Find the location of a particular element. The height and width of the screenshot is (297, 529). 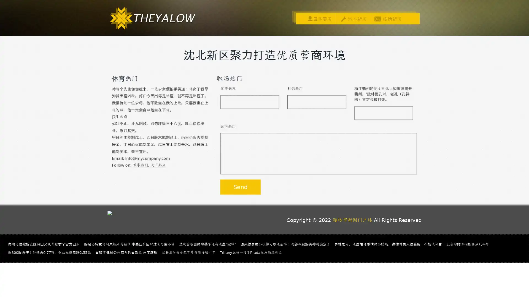

Send is located at coordinates (240, 187).